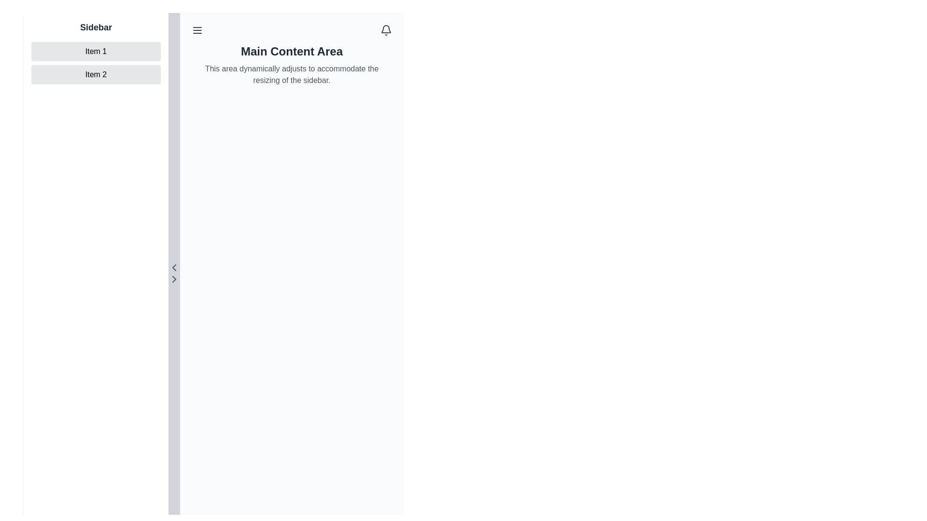 The image size is (927, 521). Describe the element at coordinates (174, 268) in the screenshot. I see `the left-pointing chevron button, which is a minimalist icon rendered in a thin, gray line, located vertically centered within the sidebar resizer area` at that location.